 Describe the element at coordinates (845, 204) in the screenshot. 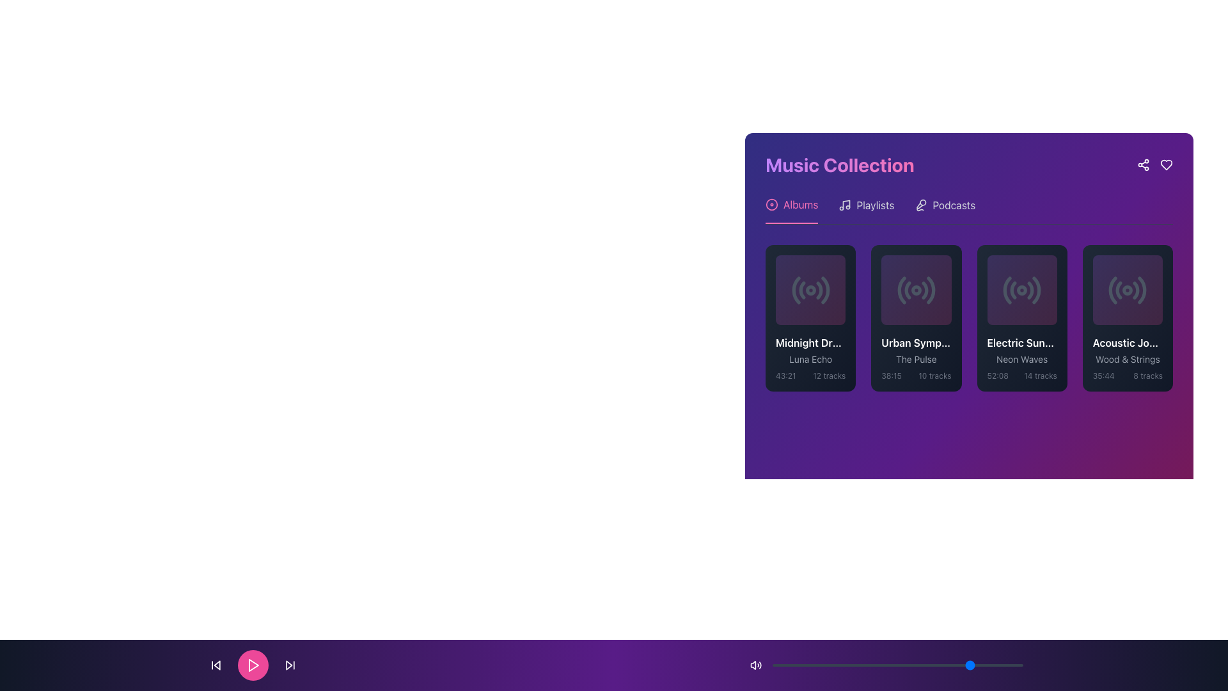

I see `the music icon element, which is a minimalist musical note displayed in light gray against a purple background, located in the 'Playlists' section header, to the left of the 'Playlists' label` at that location.